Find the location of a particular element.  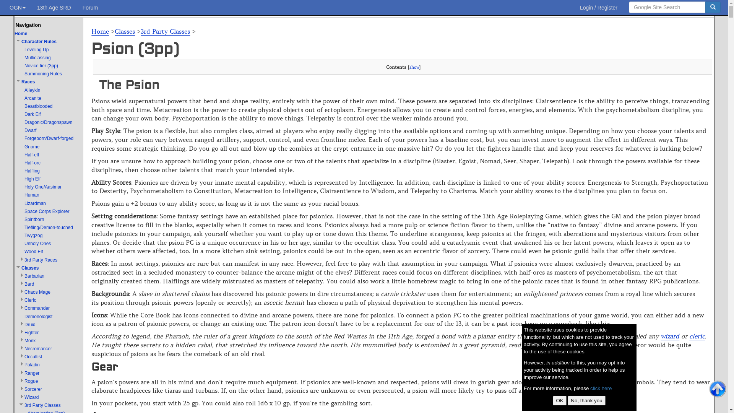

'Wood Elf' is located at coordinates (33, 252).